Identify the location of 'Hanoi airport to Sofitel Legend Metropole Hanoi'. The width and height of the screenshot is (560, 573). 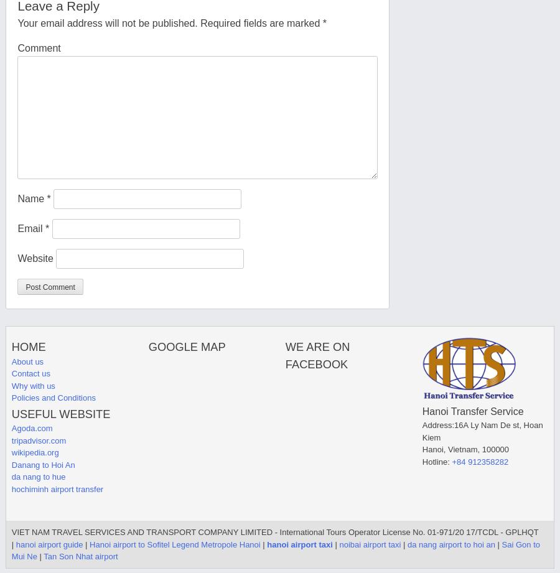
(174, 543).